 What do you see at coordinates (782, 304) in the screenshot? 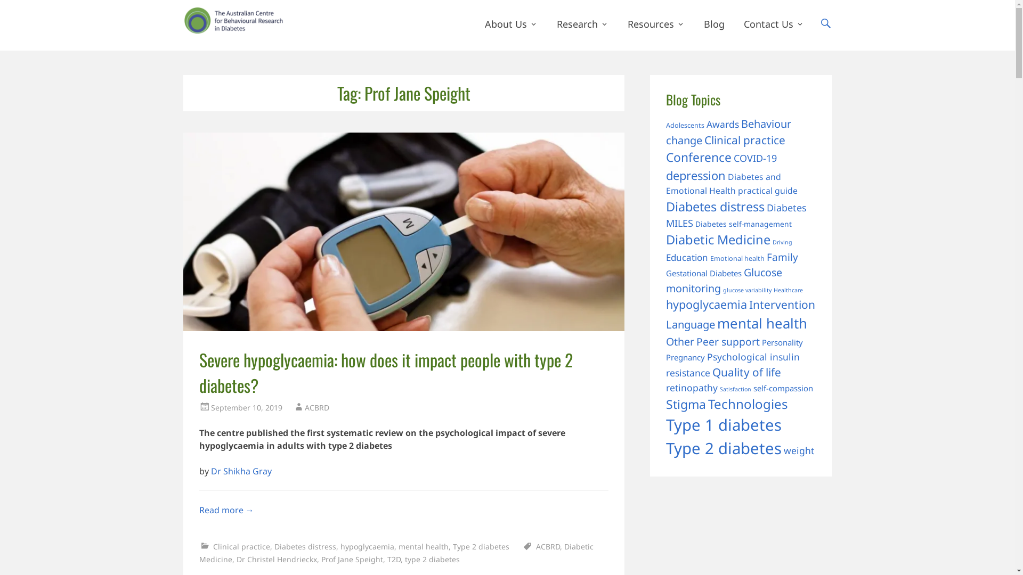
I see `'Intervention'` at bounding box center [782, 304].